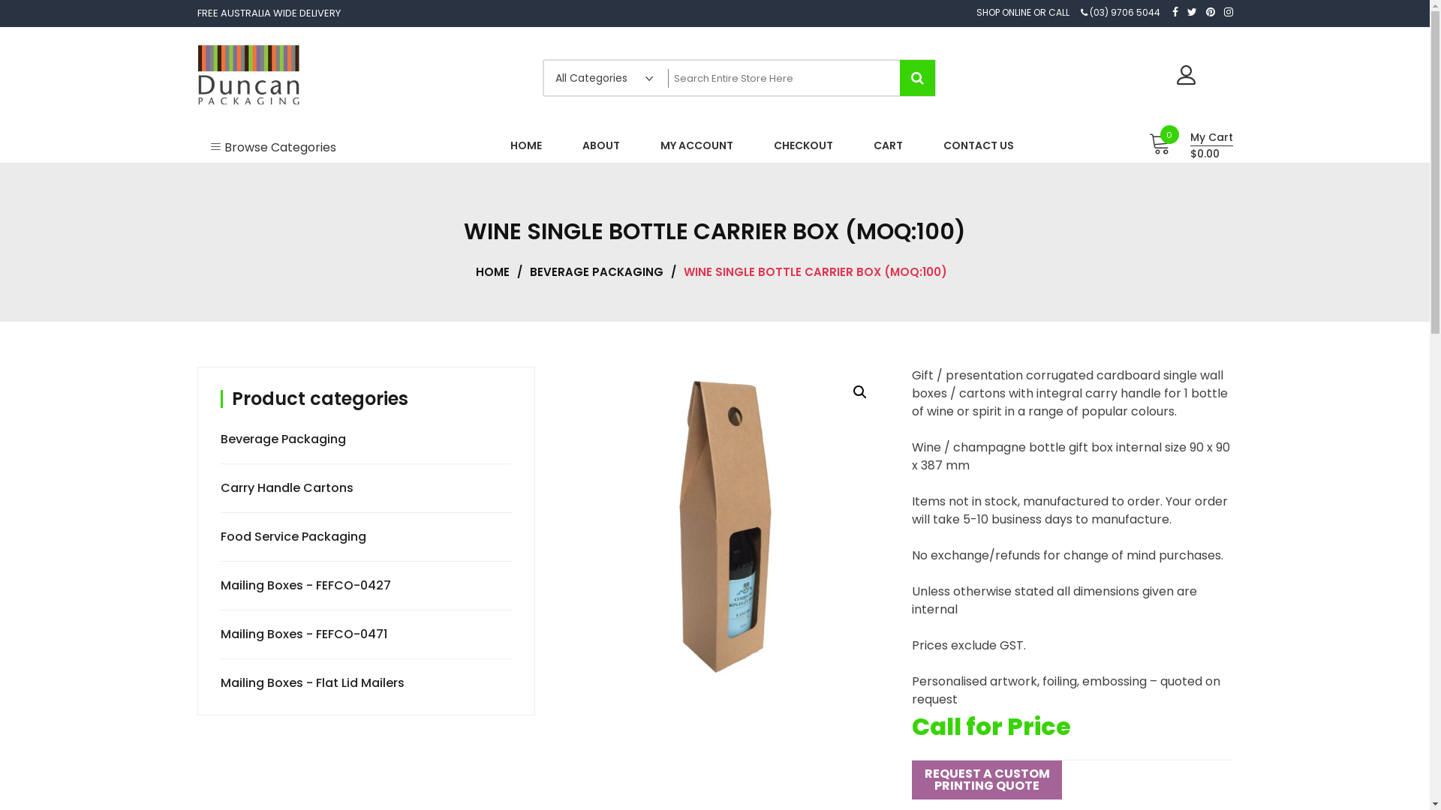 Image resolution: width=1441 pixels, height=810 pixels. Describe the element at coordinates (284, 439) in the screenshot. I see `'Beverage Packaging'` at that location.